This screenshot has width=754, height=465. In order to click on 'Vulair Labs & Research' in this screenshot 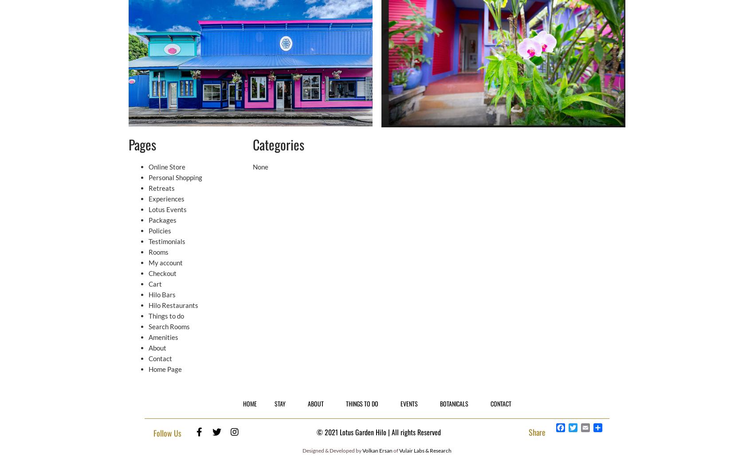, I will do `click(424, 450)`.